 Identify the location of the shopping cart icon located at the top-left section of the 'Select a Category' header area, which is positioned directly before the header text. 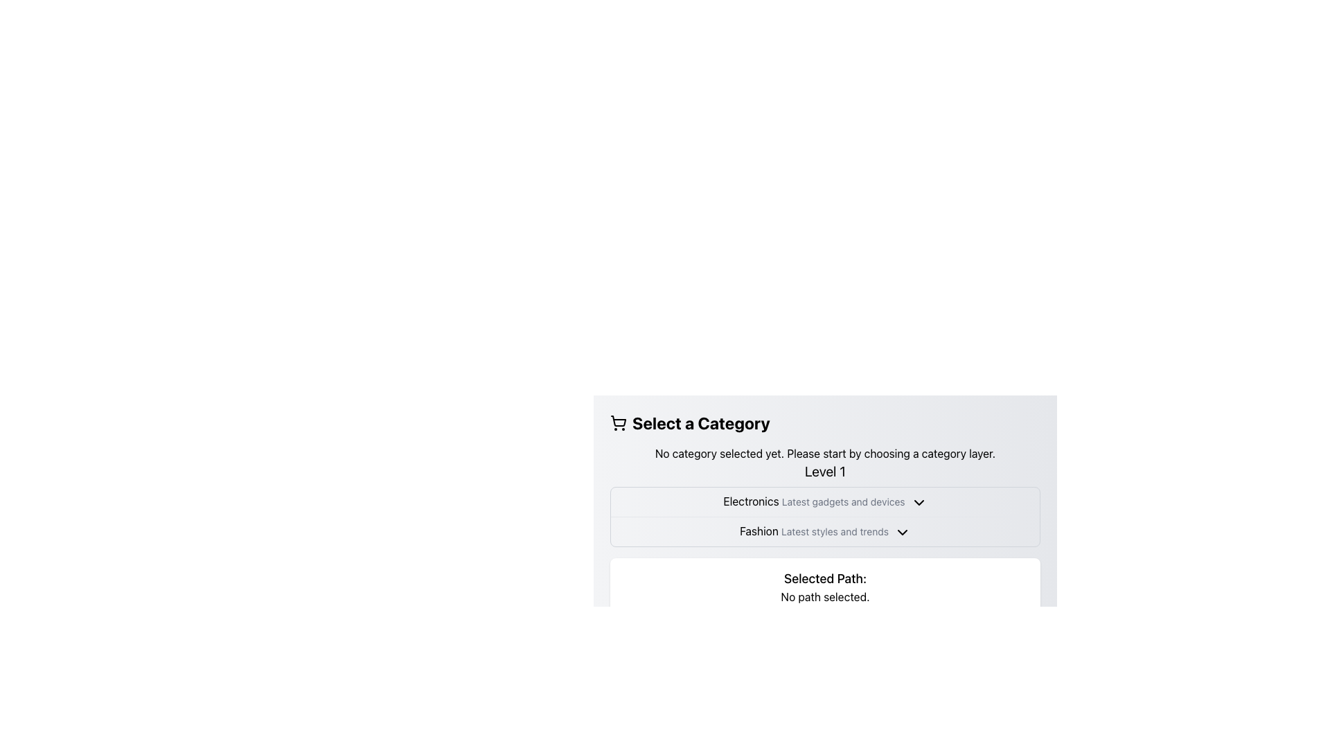
(617, 422).